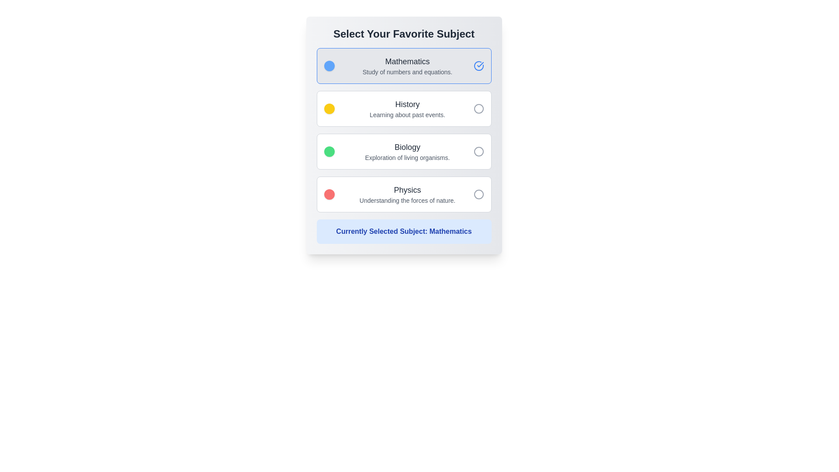 The height and width of the screenshot is (472, 839). Describe the element at coordinates (478, 108) in the screenshot. I see `the Circle graphical element located to the right of the 'History' option, which is styled to match adjacent buttons in the vertical list of selectable subject options` at that location.